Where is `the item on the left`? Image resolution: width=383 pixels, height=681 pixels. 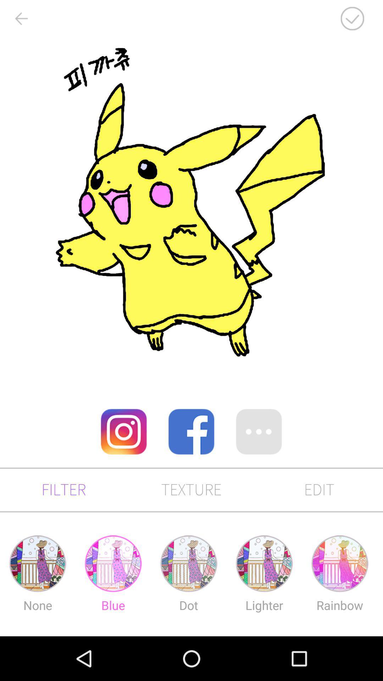
the item on the left is located at coordinates (123, 431).